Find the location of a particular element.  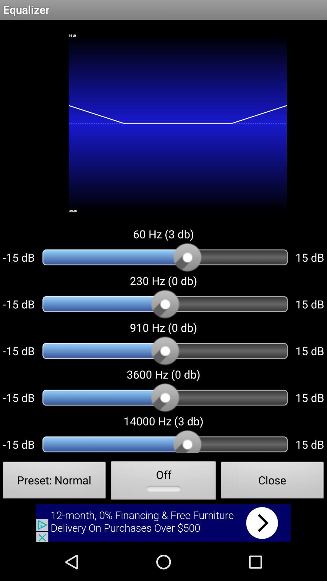

advertisement is located at coordinates (163, 523).